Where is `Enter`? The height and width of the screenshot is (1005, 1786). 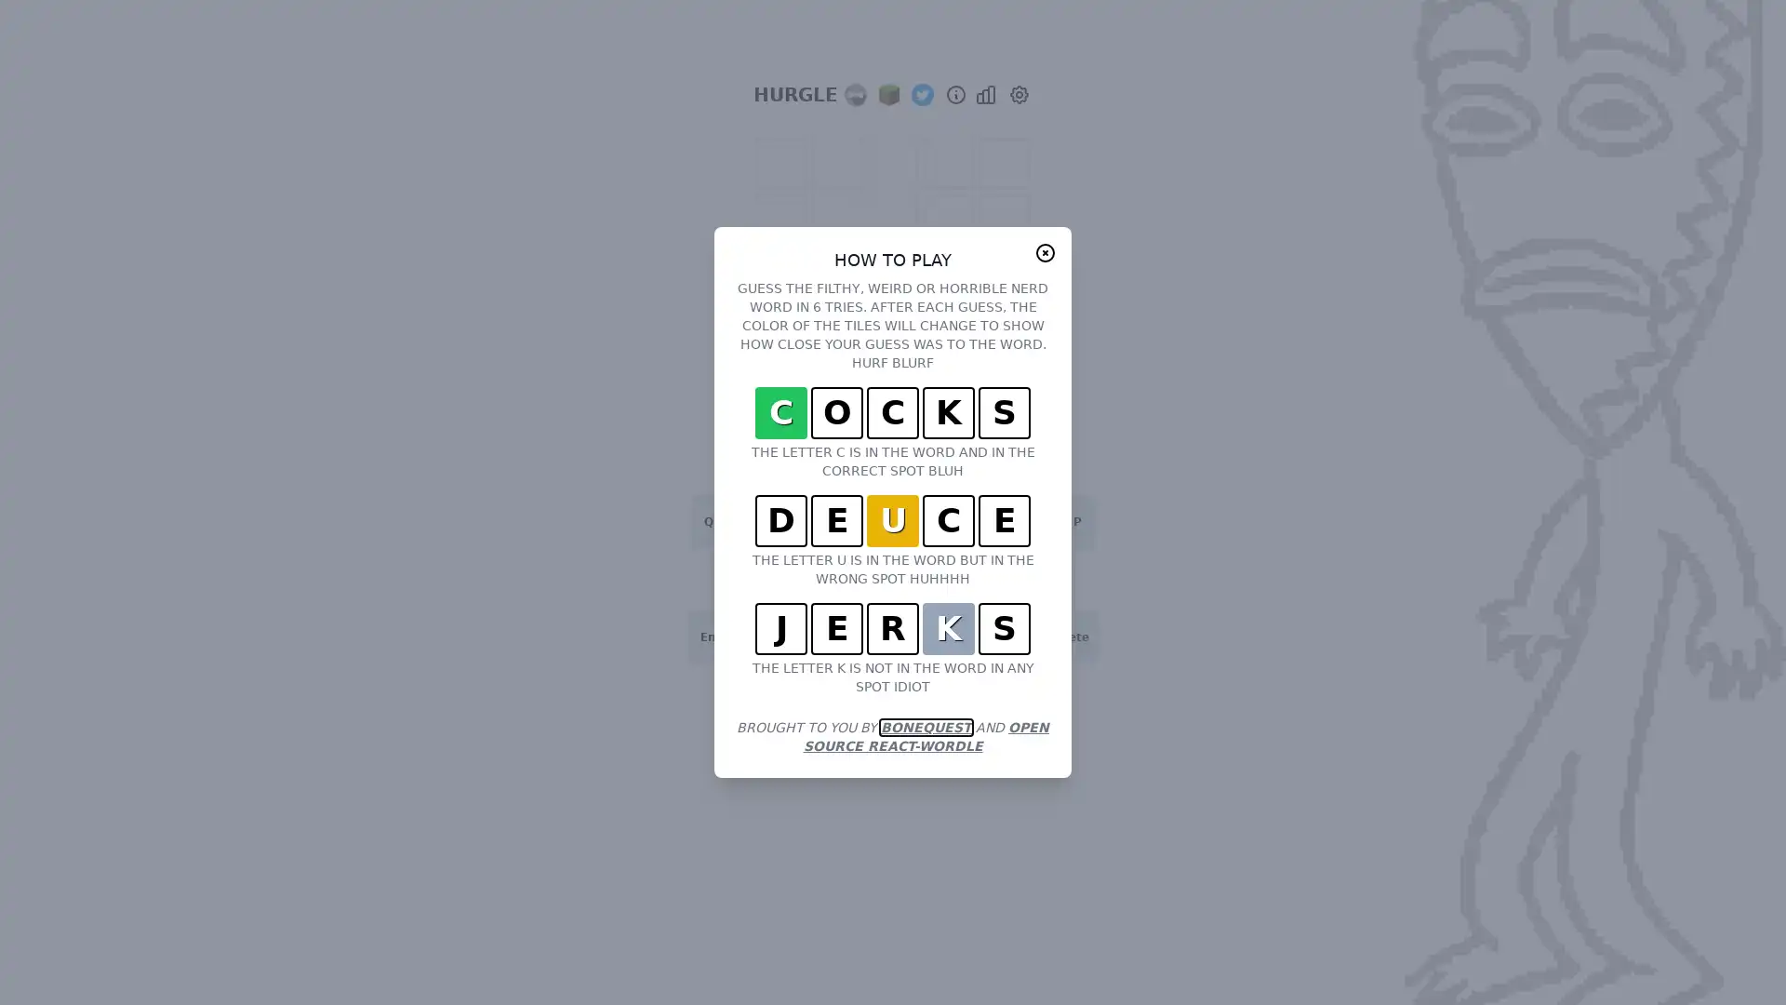 Enter is located at coordinates (716, 636).